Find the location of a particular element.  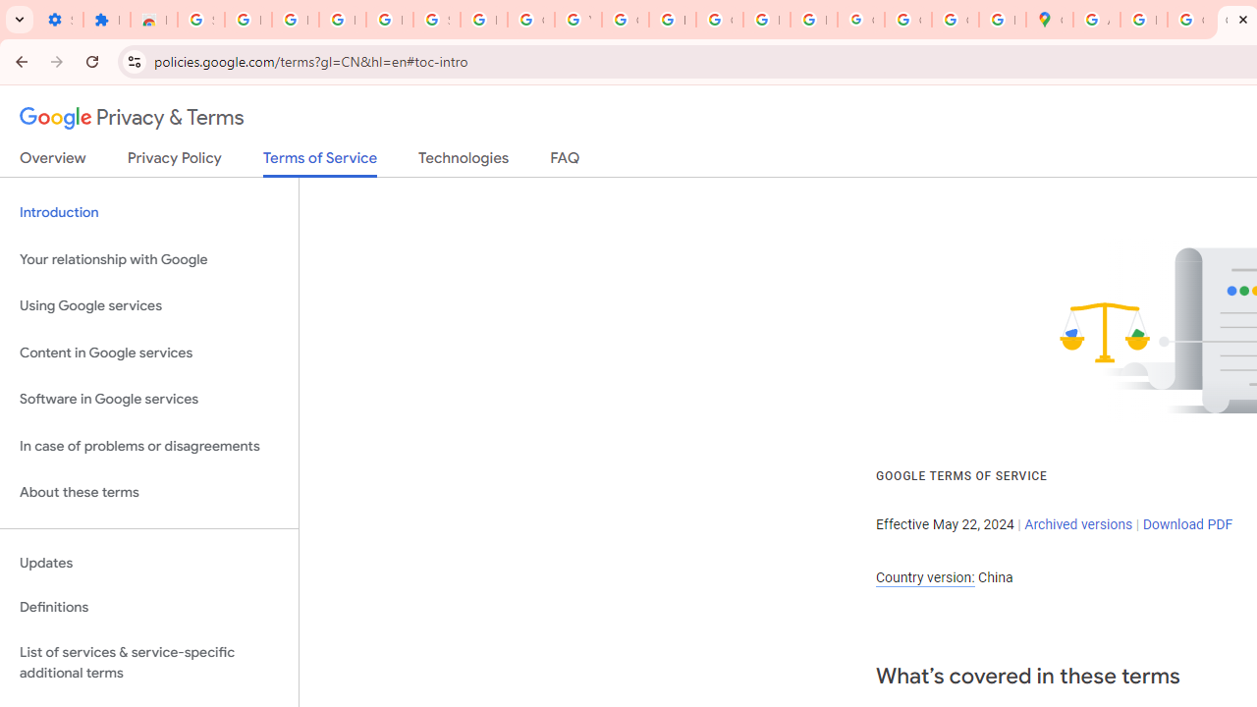

'https://scholar.google.com/' is located at coordinates (672, 20).